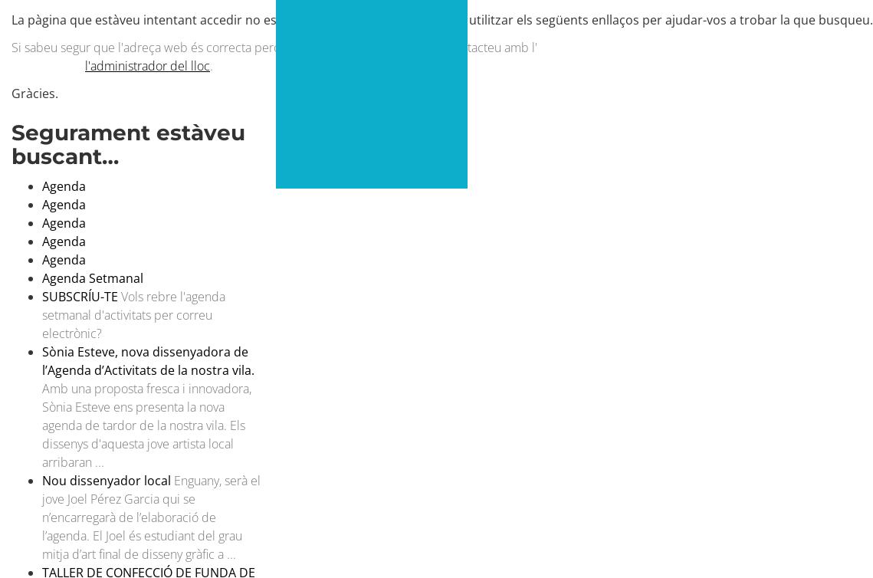 This screenshot has height=578, width=873. I want to click on 'Segurament estàveu buscant…', so click(128, 143).